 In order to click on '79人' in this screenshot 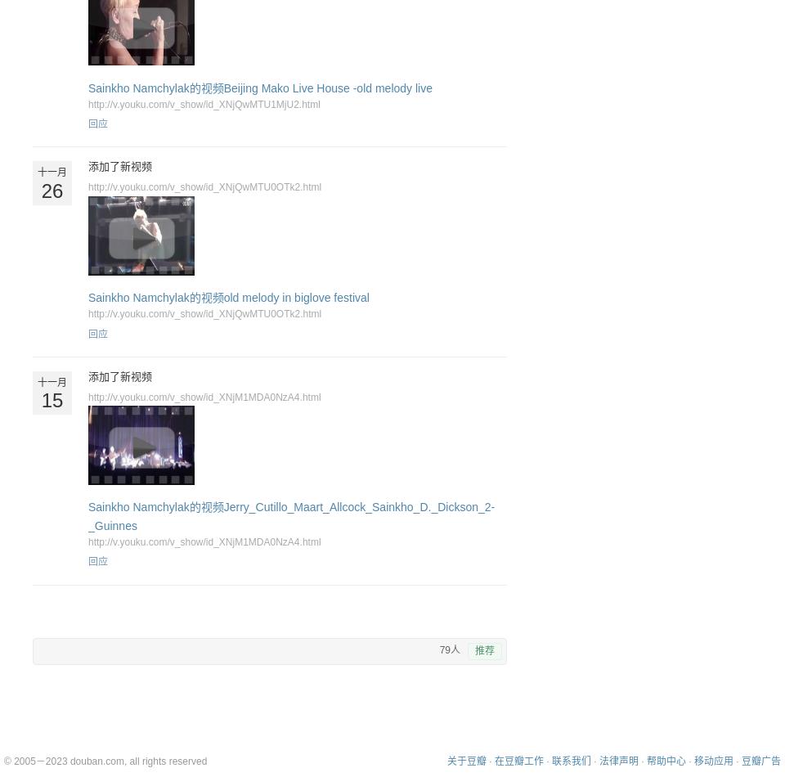, I will do `click(449, 649)`.